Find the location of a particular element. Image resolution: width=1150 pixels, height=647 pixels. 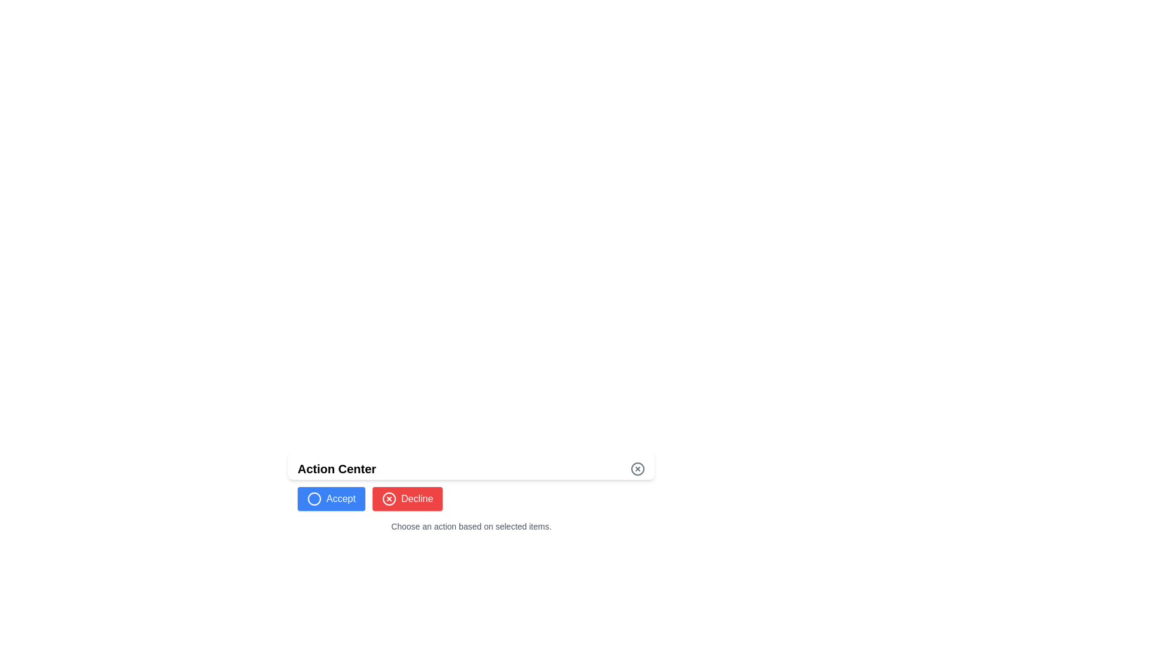

the SVG circle component located at the top-right corner of the 'Action Center' area, which has a radius of 10 and is styled with a stroke color is located at coordinates (637, 468).